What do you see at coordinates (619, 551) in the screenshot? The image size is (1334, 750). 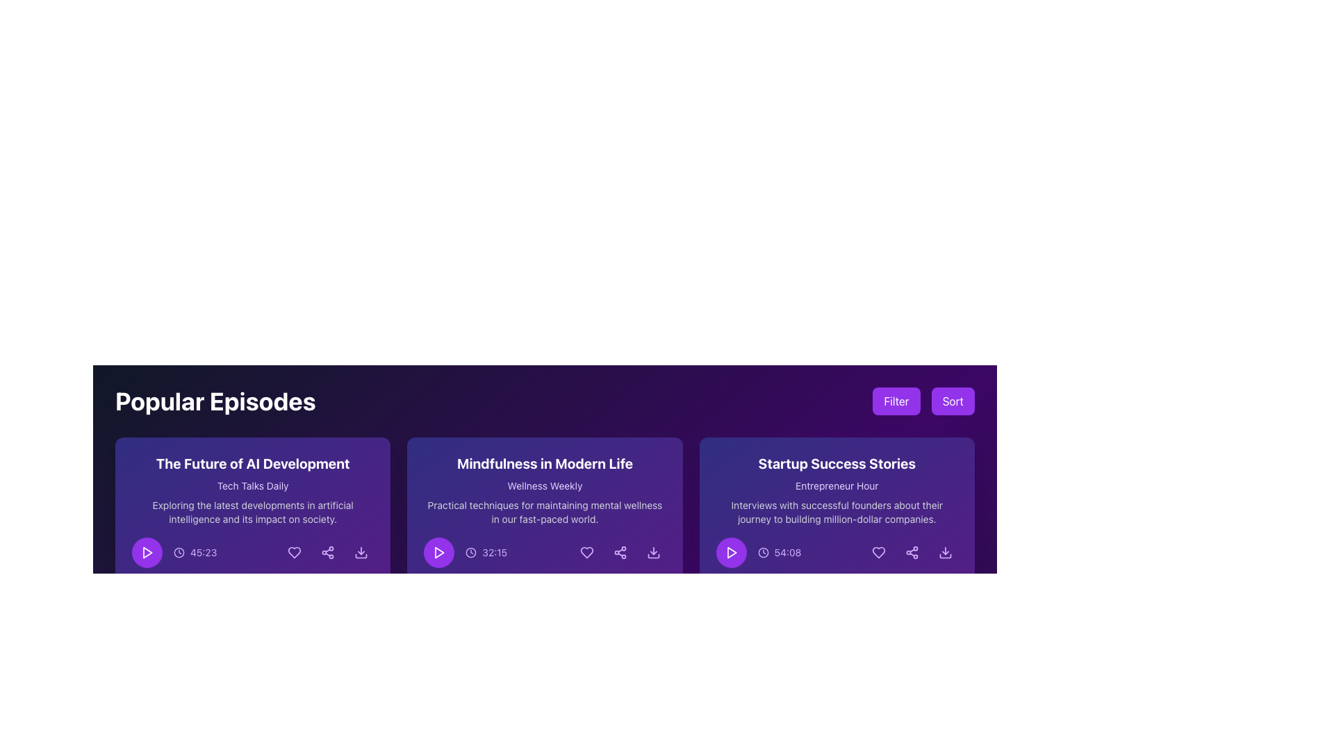 I see `the share button located in the control row below the 'Mindfulness in Modern Life' card, positioned fourth among the interactive icons, to change its appearance` at bounding box center [619, 551].